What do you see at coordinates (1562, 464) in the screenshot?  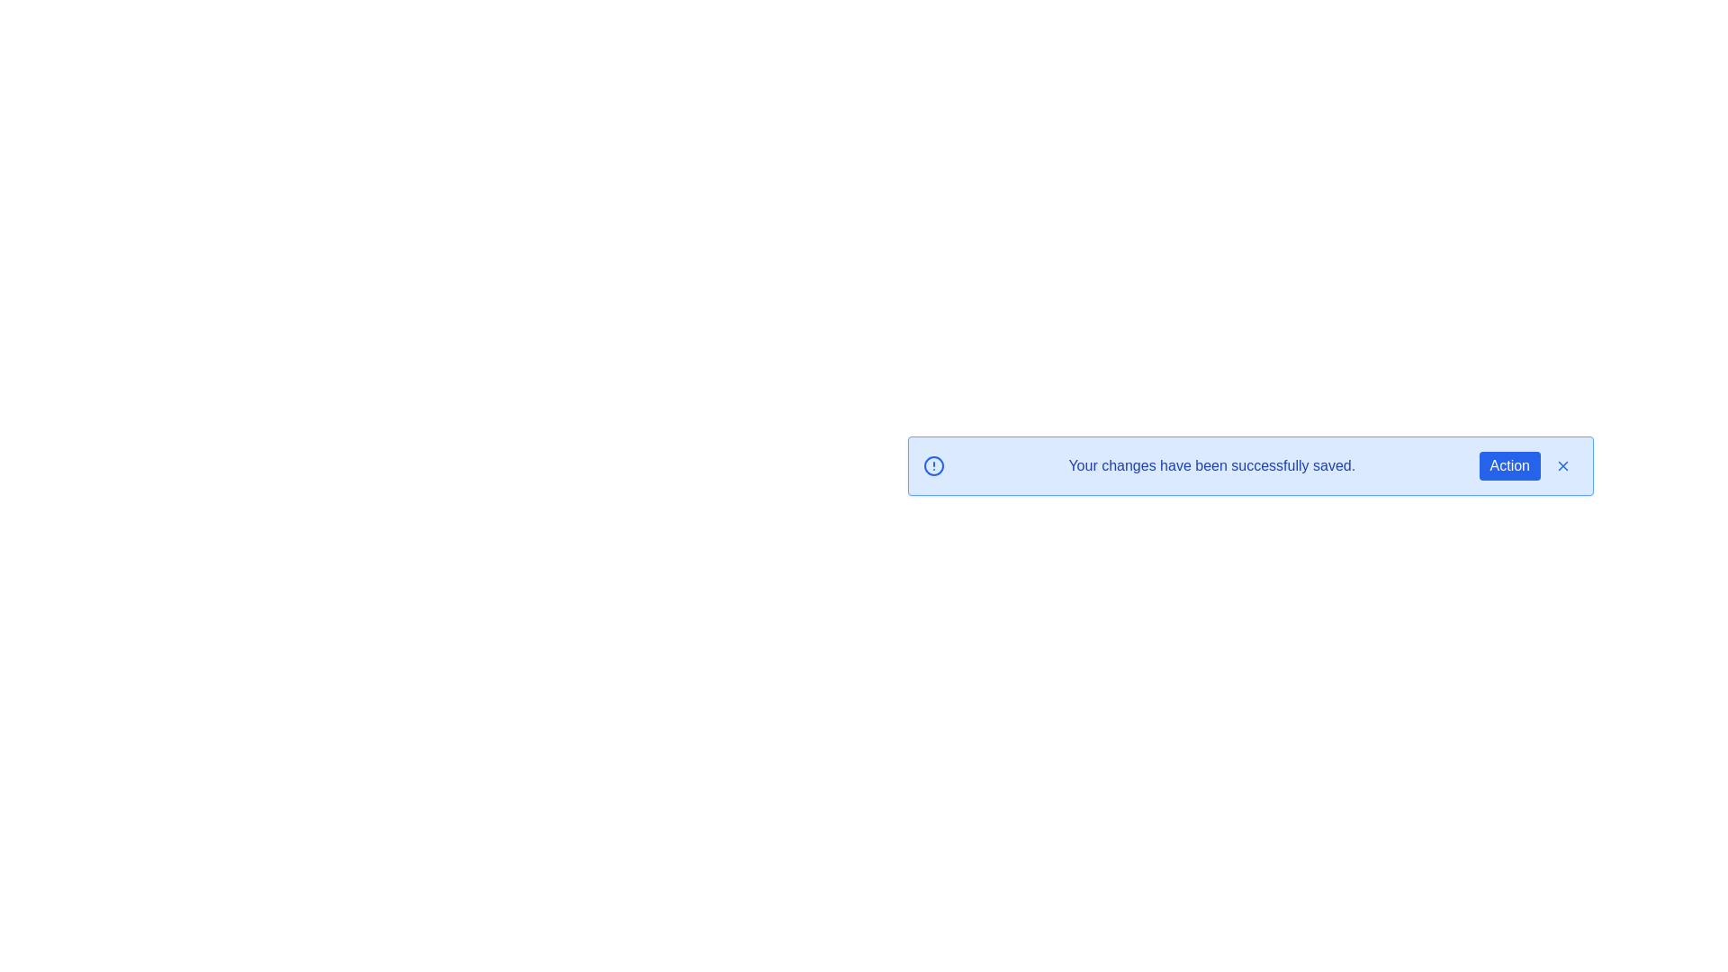 I see `the 'X' button to dismiss the alert` at bounding box center [1562, 464].